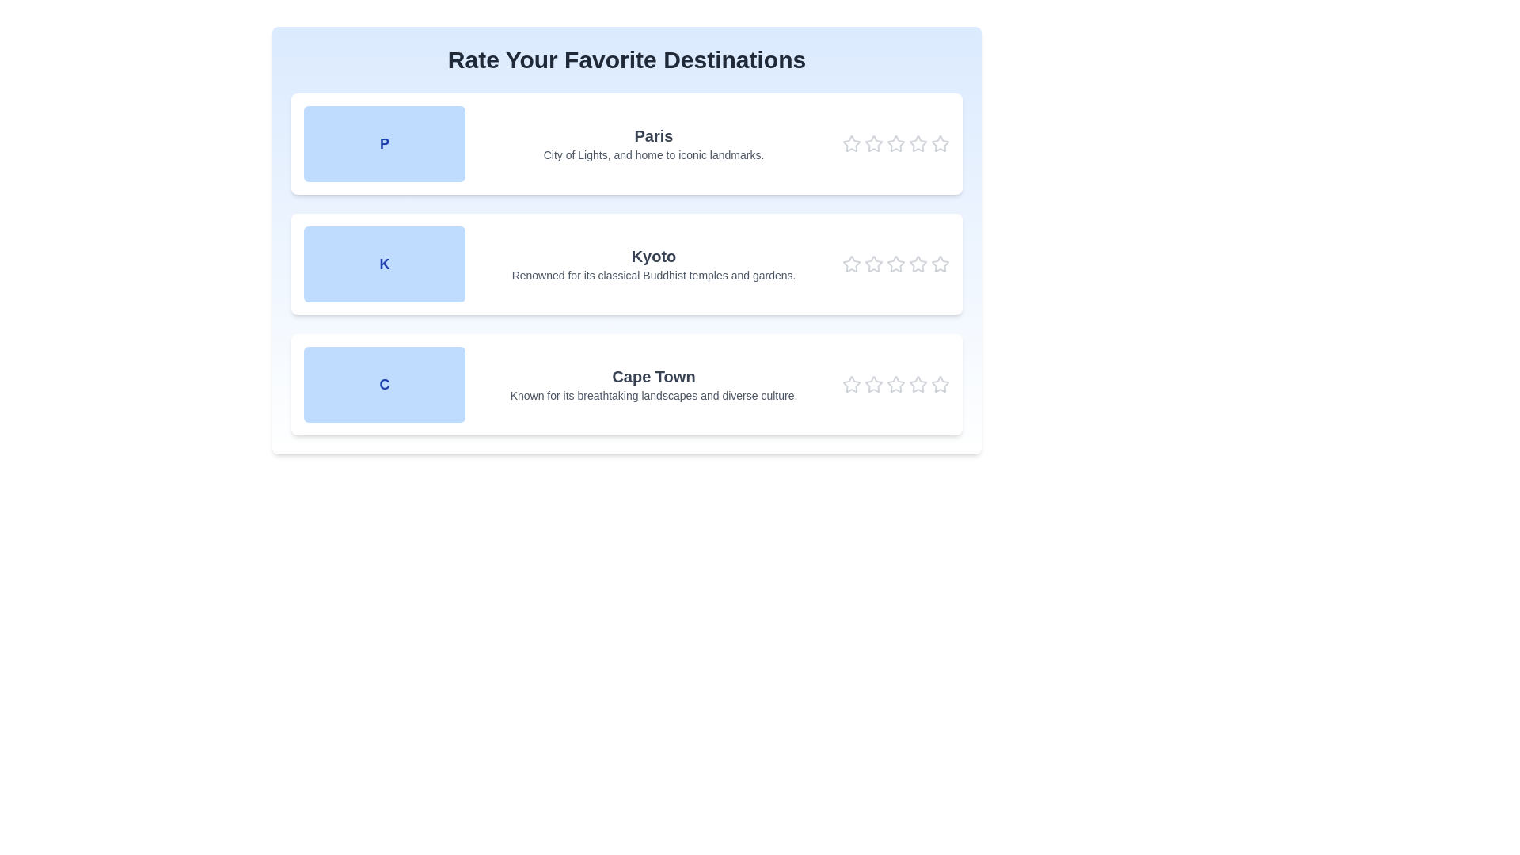 This screenshot has width=1520, height=855. I want to click on the Text label providing additional information about 'Cape Town', which is located at the bottom of the content block associated with 'Cape Town', directly below the title in the vertical list of favorite destinations, so click(653, 395).